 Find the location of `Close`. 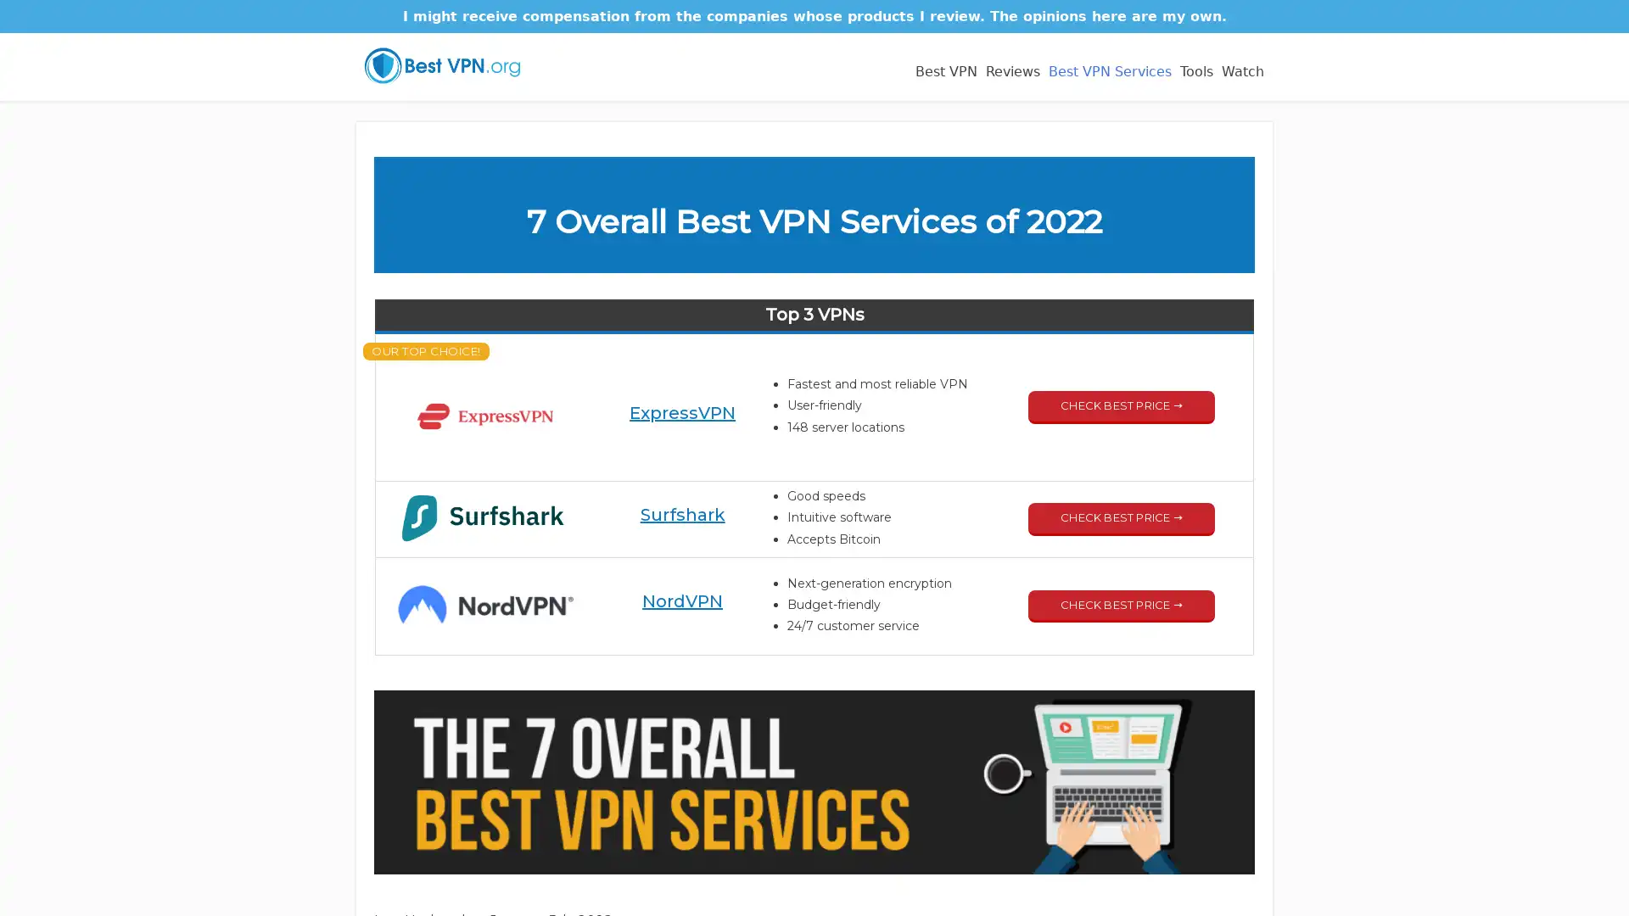

Close is located at coordinates (1106, 315).